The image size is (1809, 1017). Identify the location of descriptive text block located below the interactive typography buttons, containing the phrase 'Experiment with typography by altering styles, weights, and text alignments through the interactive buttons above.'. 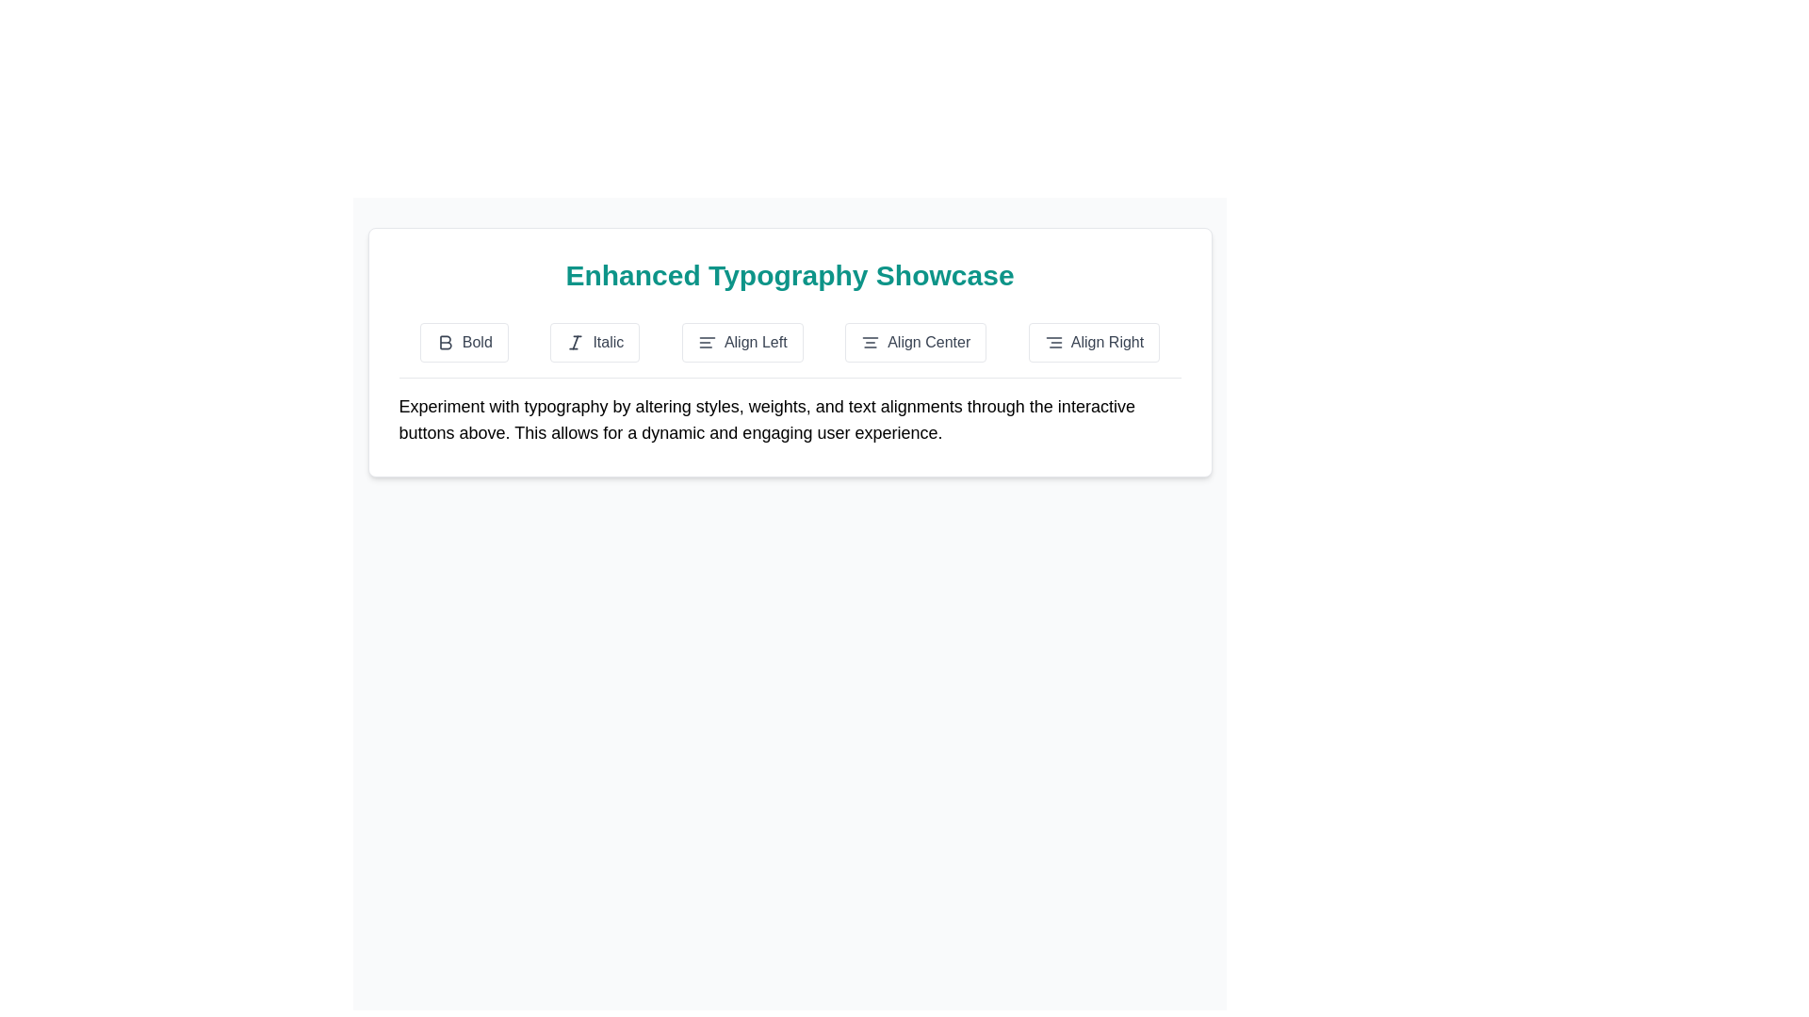
(790, 419).